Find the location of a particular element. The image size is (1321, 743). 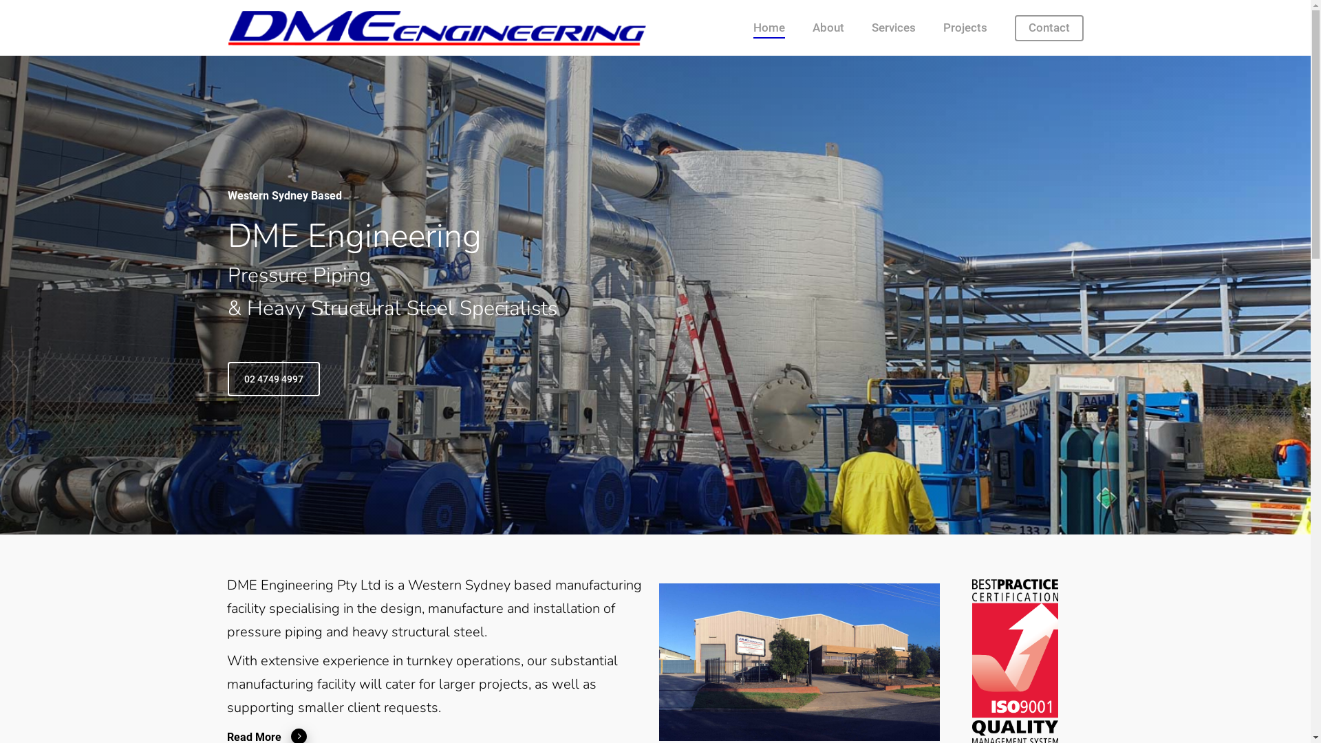

'About' is located at coordinates (828, 28).